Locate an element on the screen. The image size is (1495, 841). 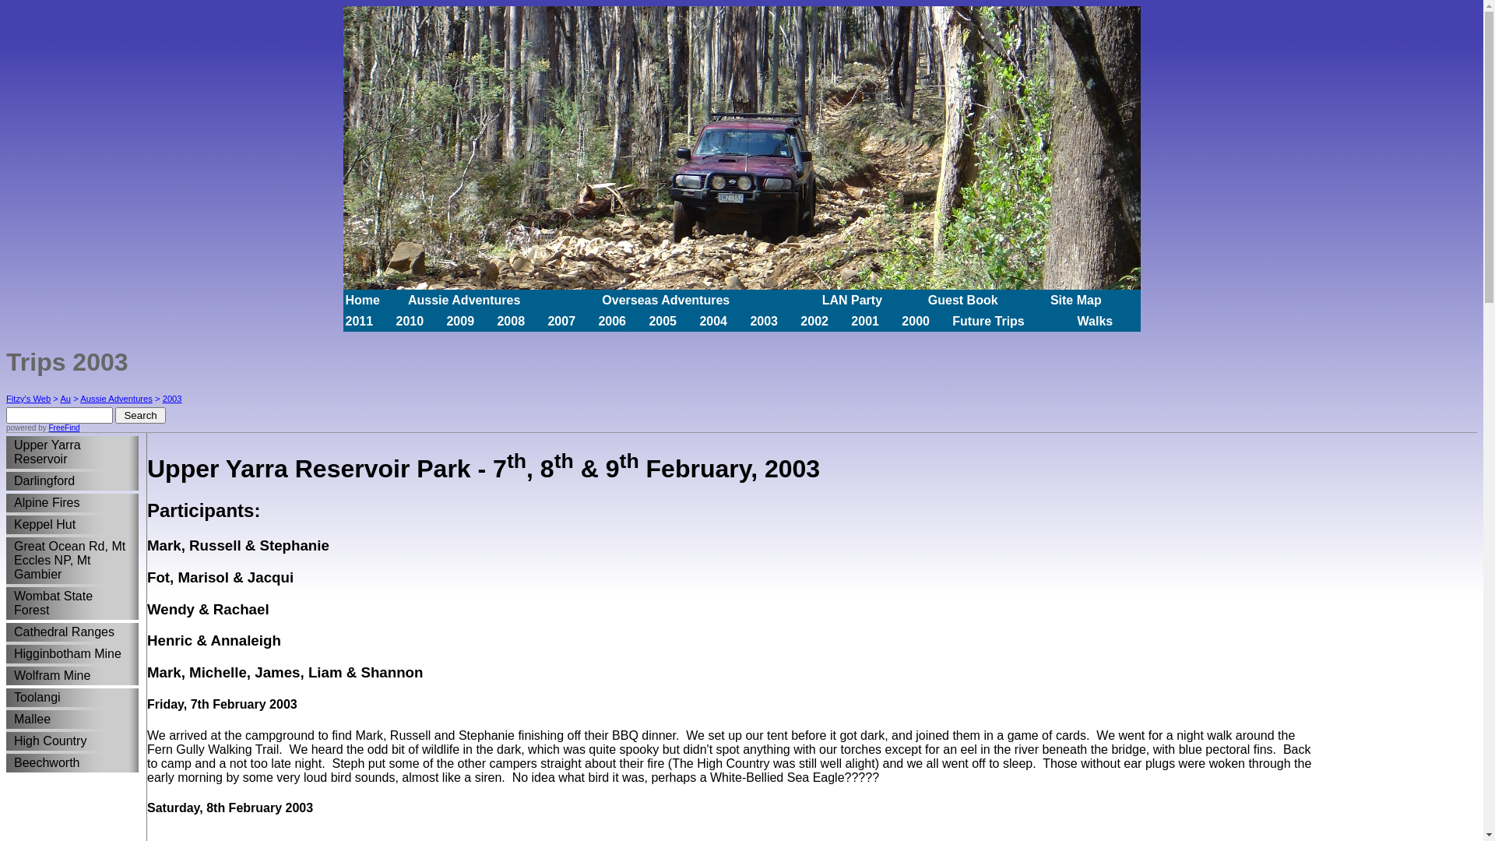
'Alpine Fires' is located at coordinates (67, 502).